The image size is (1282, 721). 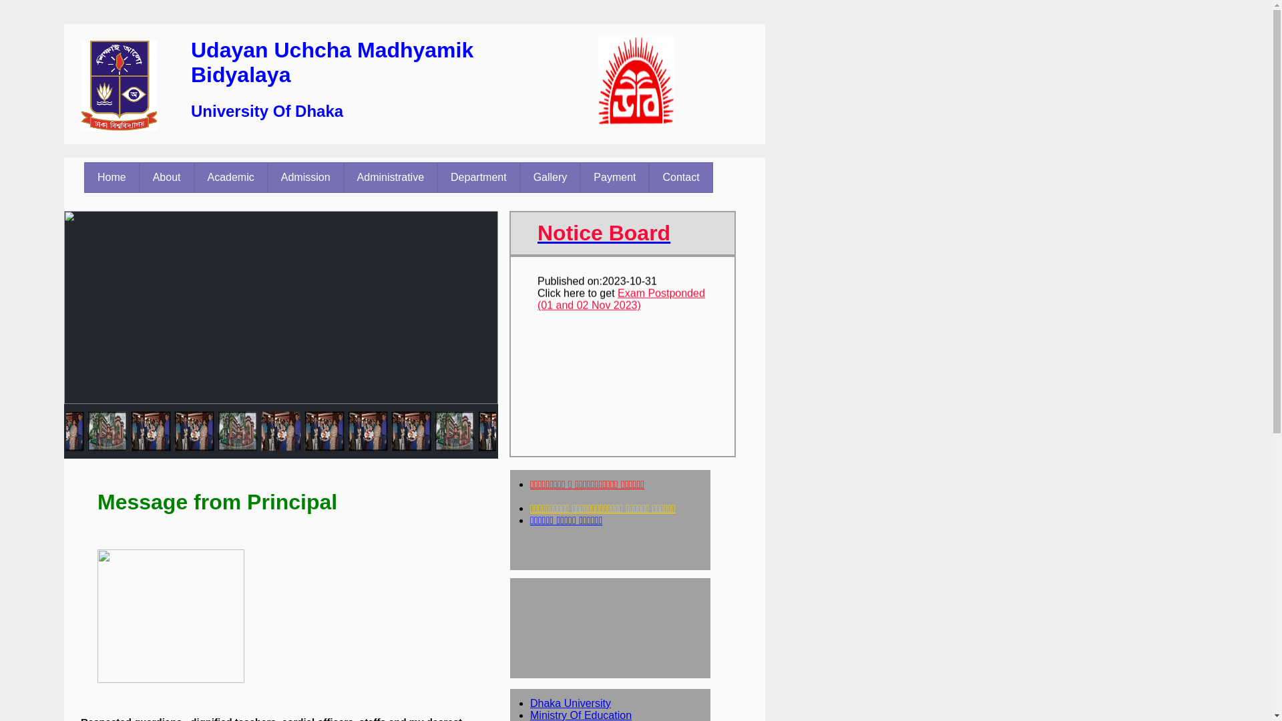 What do you see at coordinates (112, 177) in the screenshot?
I see `'Home'` at bounding box center [112, 177].